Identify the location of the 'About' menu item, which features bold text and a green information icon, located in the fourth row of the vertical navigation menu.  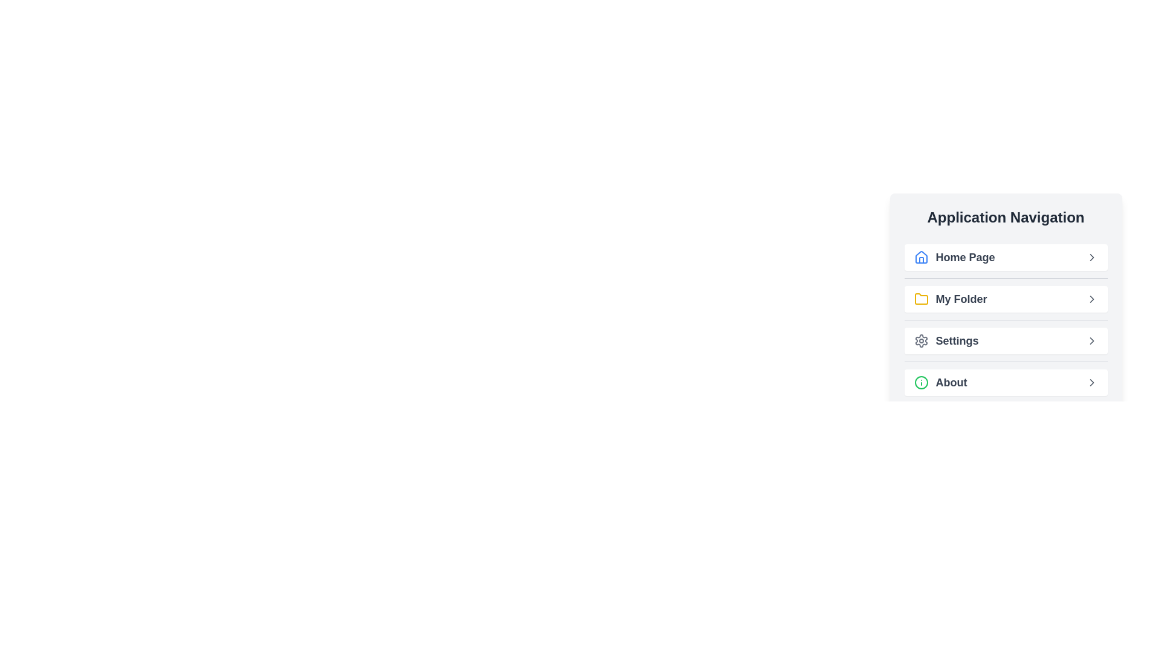
(940, 382).